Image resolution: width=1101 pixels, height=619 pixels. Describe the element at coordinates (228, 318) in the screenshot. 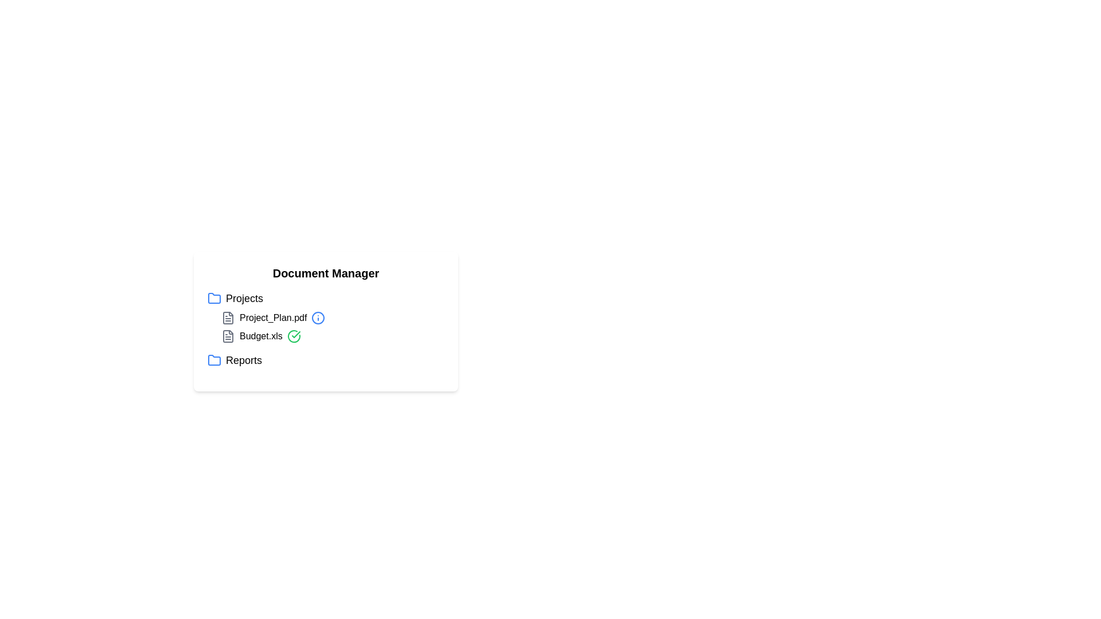

I see `the icon corresponding to Project_Plan.pdf` at that location.